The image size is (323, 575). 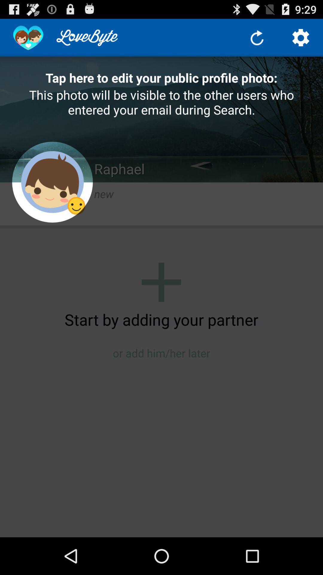 I want to click on change profile icon, so click(x=52, y=182).